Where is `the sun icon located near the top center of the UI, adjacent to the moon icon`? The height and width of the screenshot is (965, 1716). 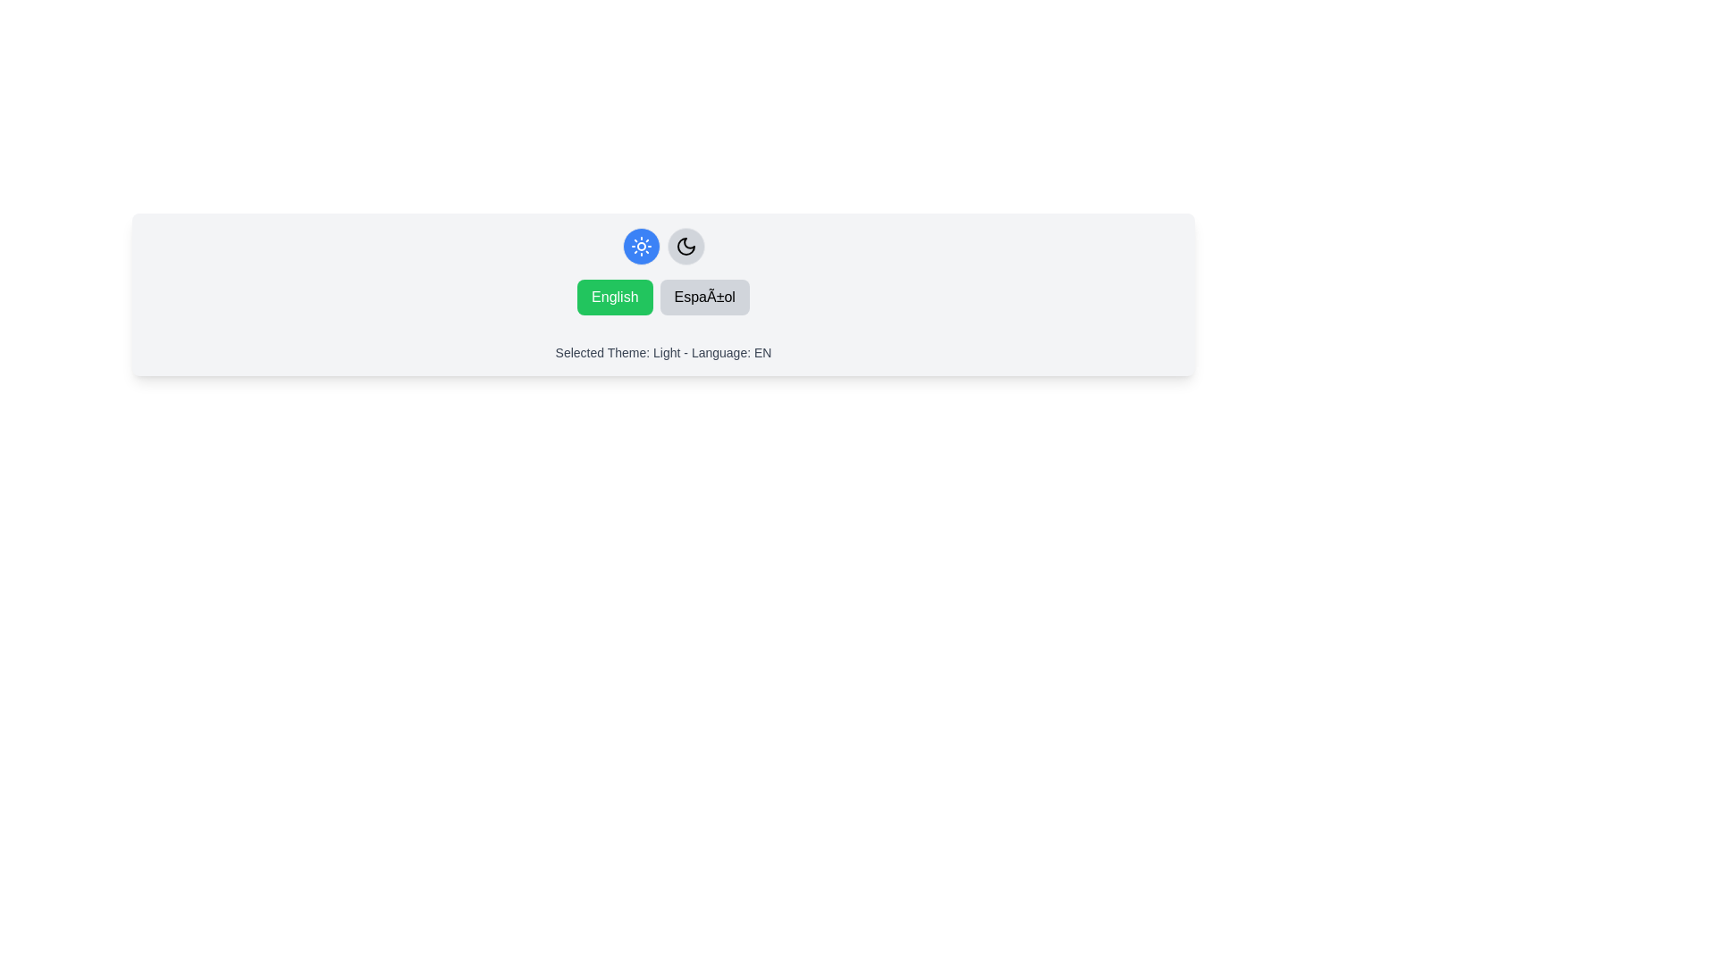 the sun icon located near the top center of the UI, adjacent to the moon icon is located at coordinates (641, 247).